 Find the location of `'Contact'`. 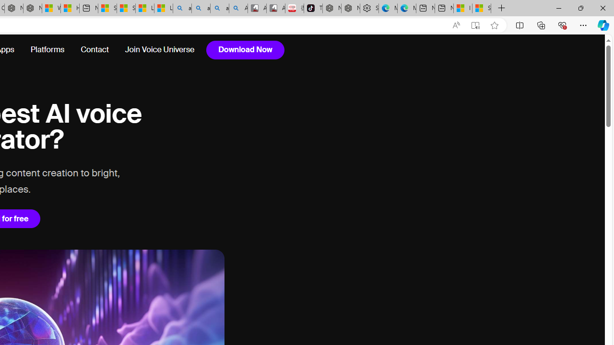

'Contact' is located at coordinates (94, 50).